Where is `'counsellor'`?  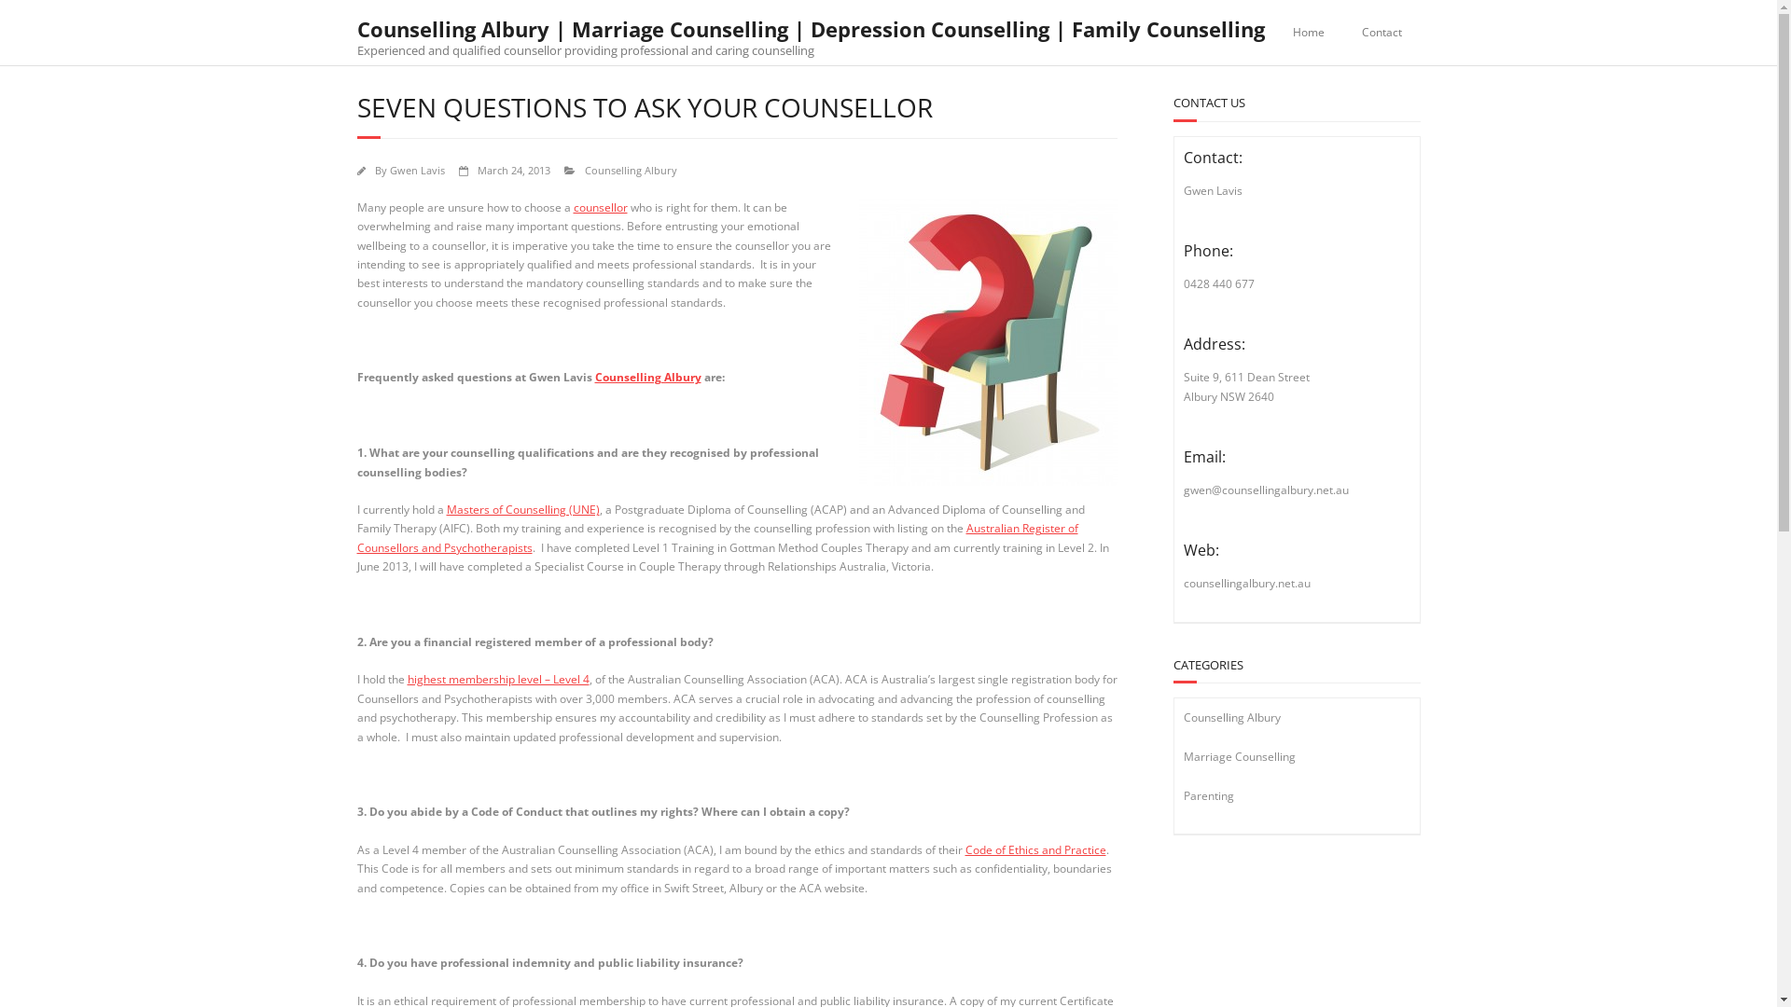 'counsellor' is located at coordinates (600, 207).